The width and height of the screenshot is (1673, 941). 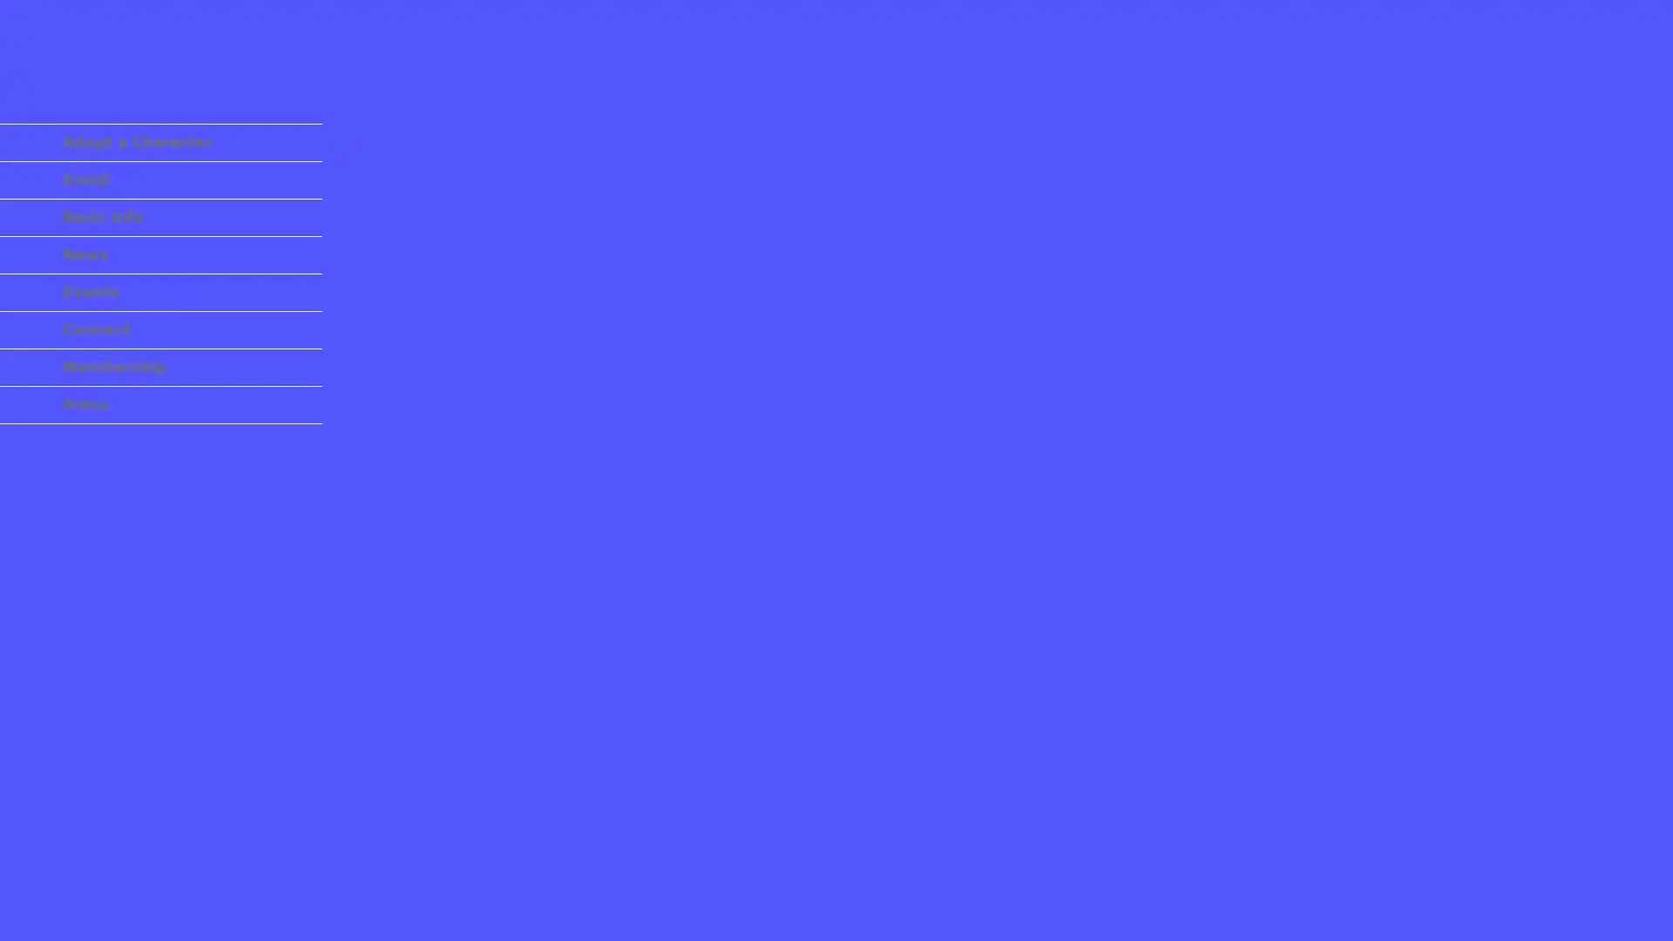 I want to click on U+134C, so click(x=791, y=747).